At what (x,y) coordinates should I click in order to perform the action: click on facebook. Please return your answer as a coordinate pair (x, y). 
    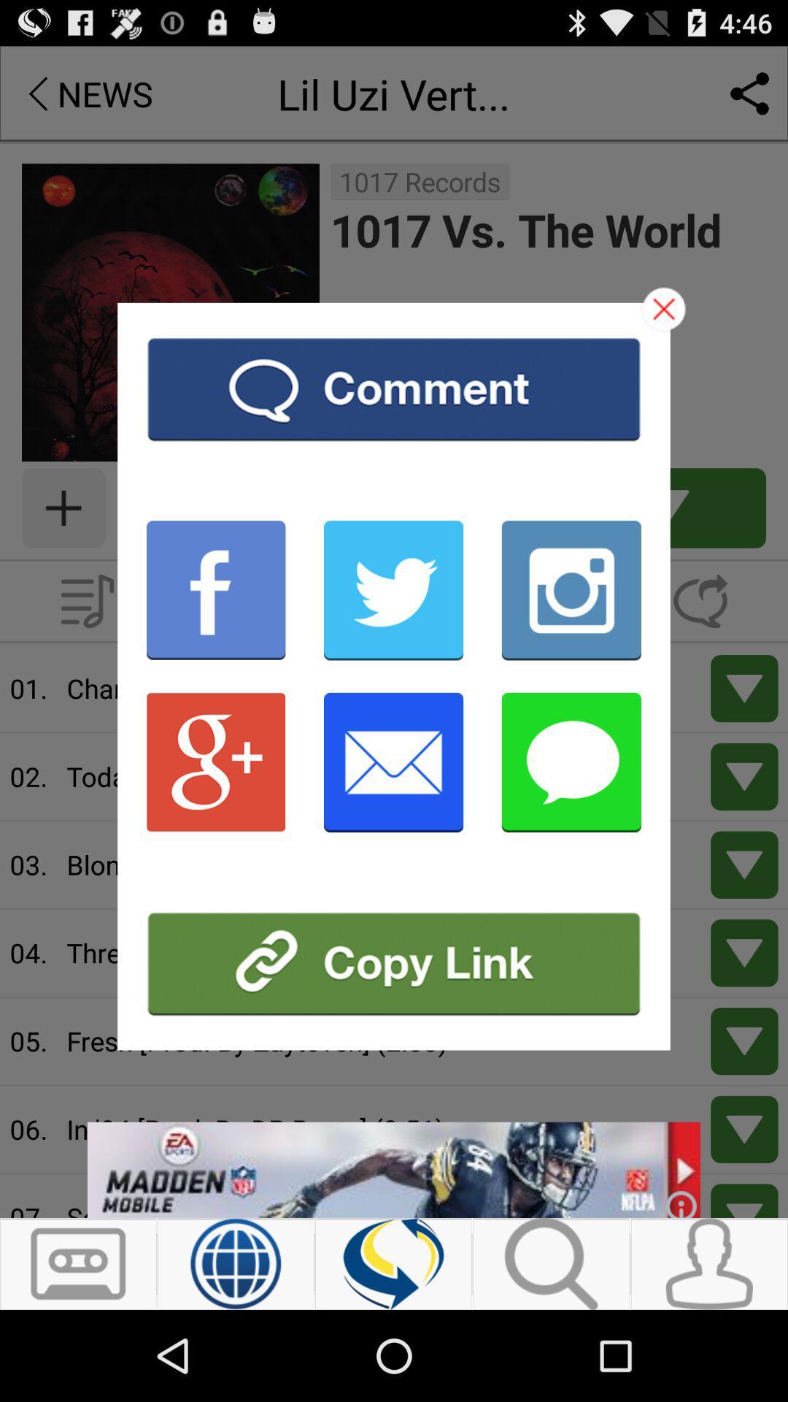
    Looking at the image, I should click on (216, 590).